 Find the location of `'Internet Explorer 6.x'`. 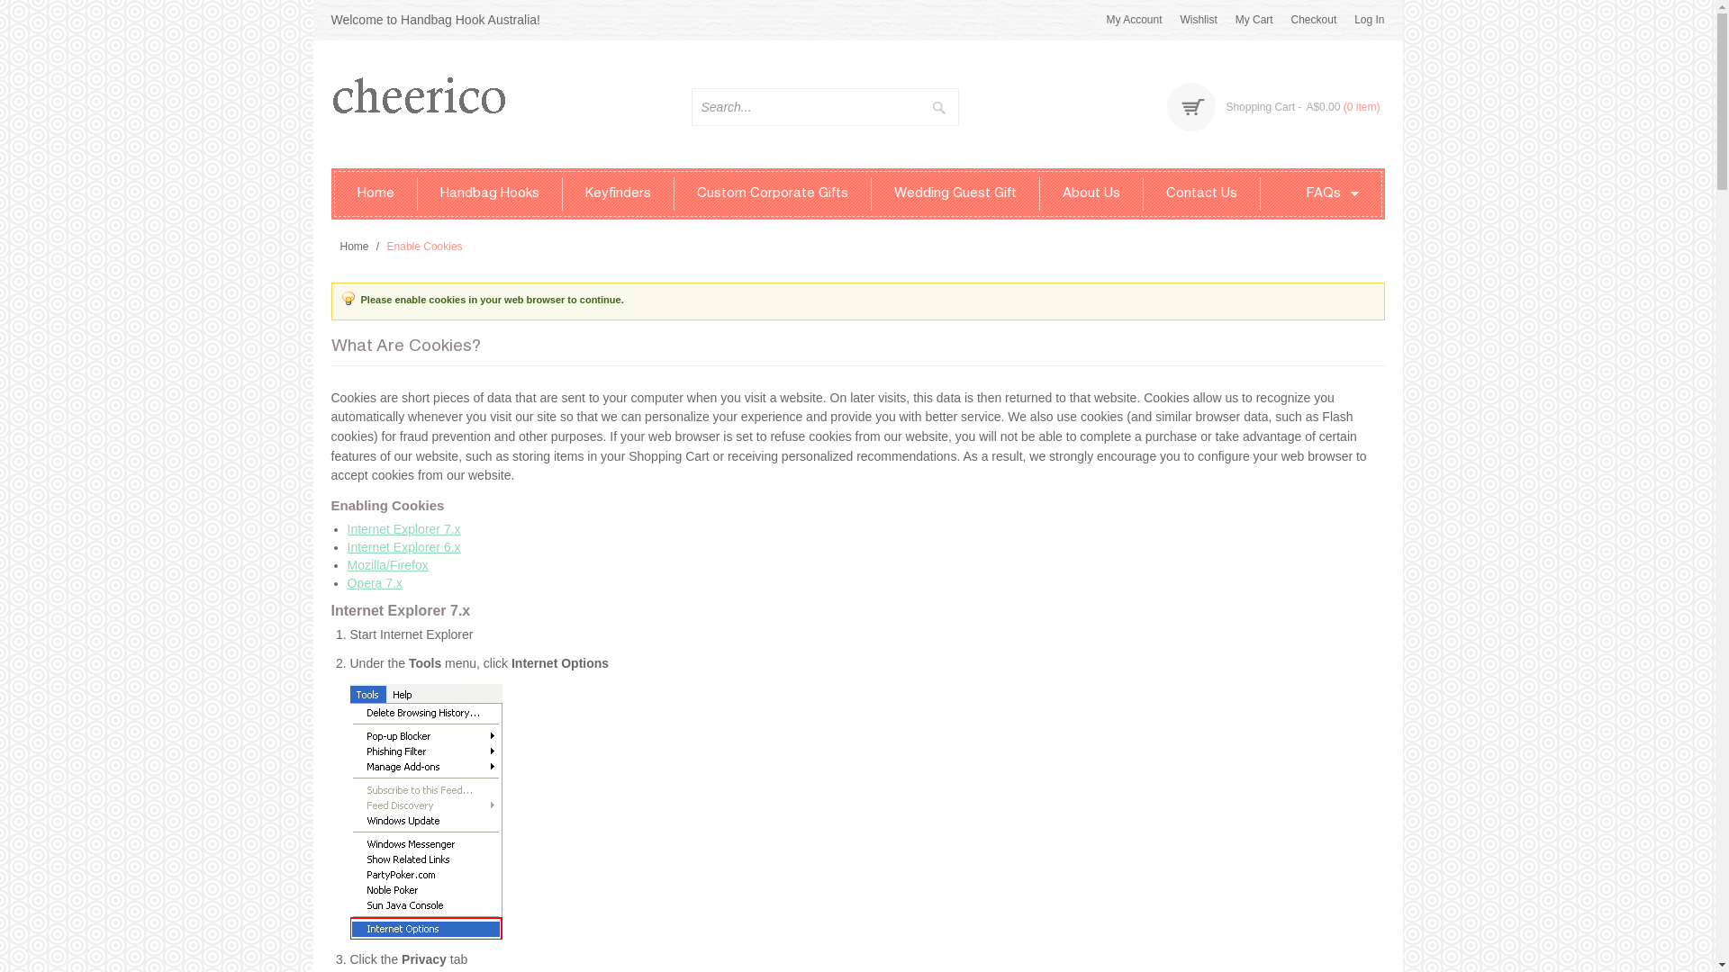

'Internet Explorer 6.x' is located at coordinates (403, 546).